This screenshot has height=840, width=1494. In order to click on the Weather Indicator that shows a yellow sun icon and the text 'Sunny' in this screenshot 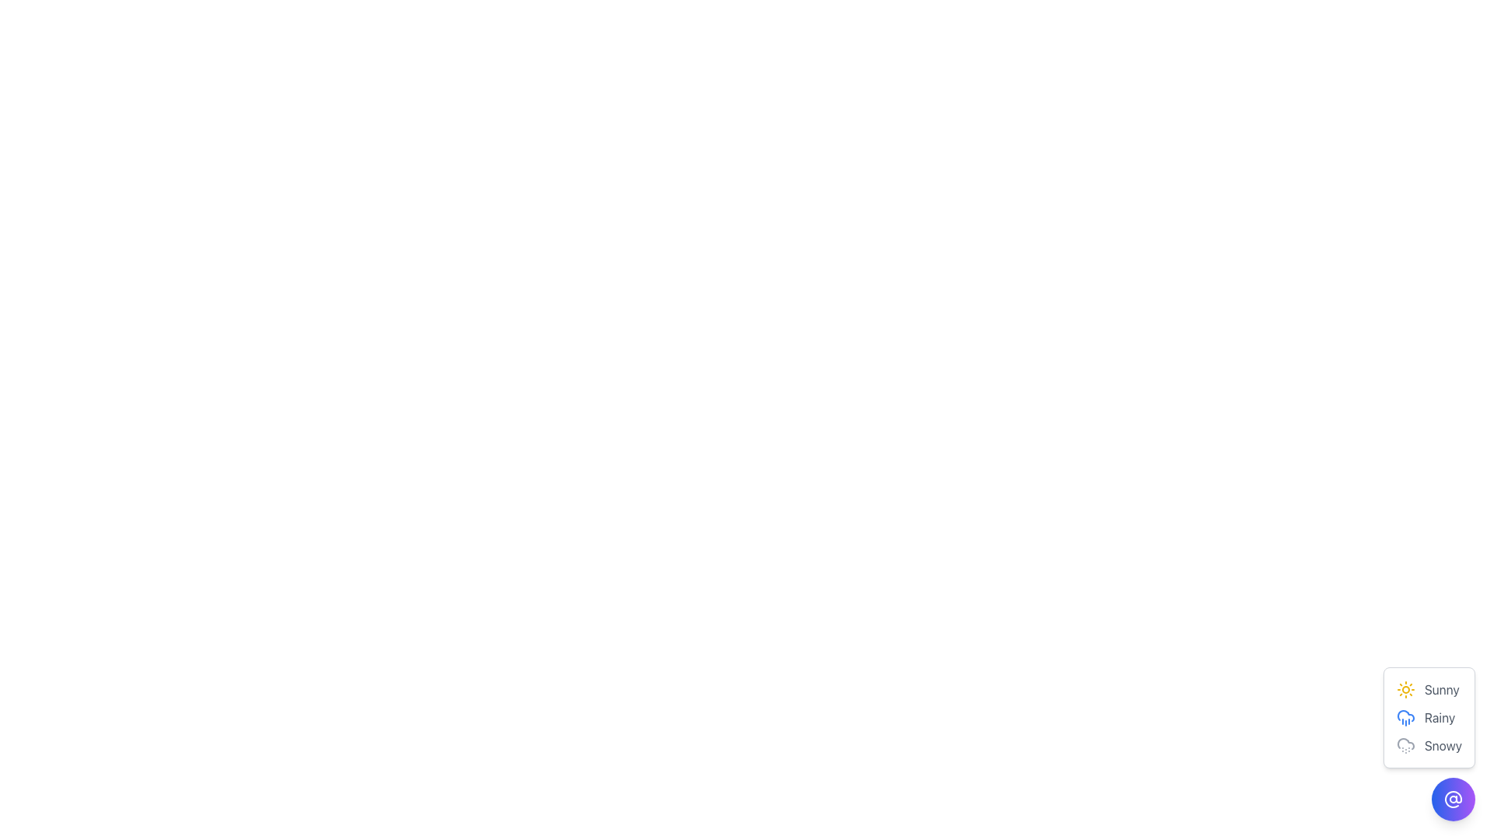, I will do `click(1429, 689)`.